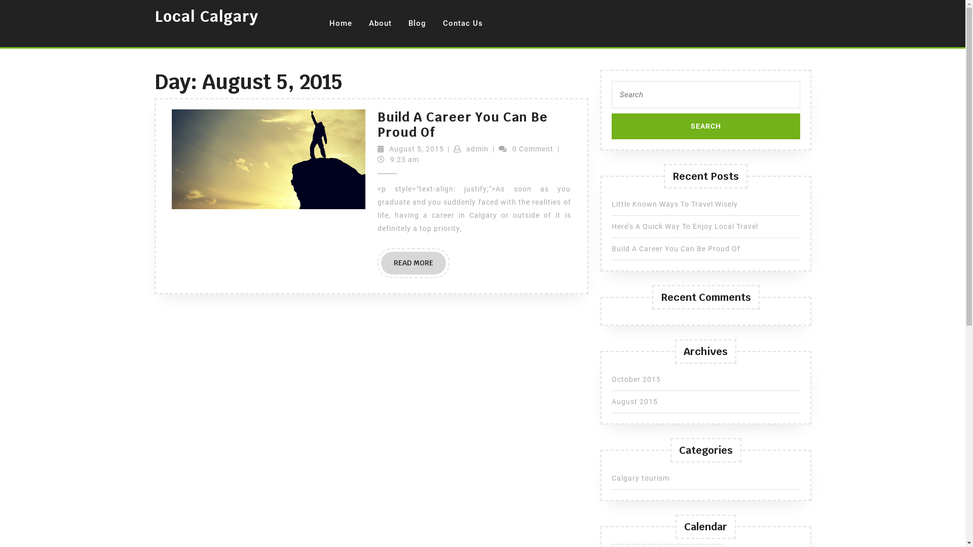 The image size is (973, 547). Describe the element at coordinates (414, 262) in the screenshot. I see `'READ MORE` at that location.